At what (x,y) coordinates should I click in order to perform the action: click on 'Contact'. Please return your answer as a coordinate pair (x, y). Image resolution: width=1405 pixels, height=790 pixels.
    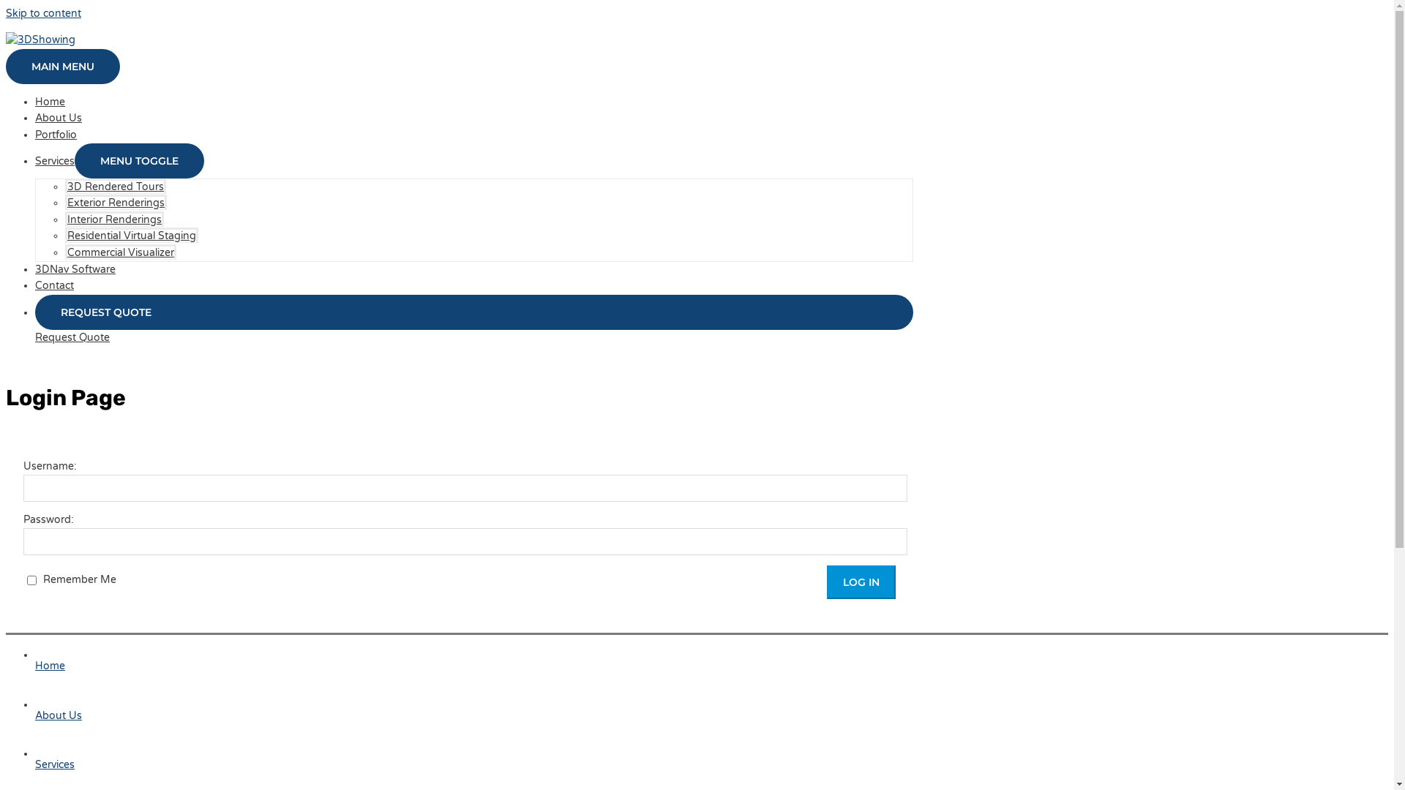
    Looking at the image, I should click on (54, 285).